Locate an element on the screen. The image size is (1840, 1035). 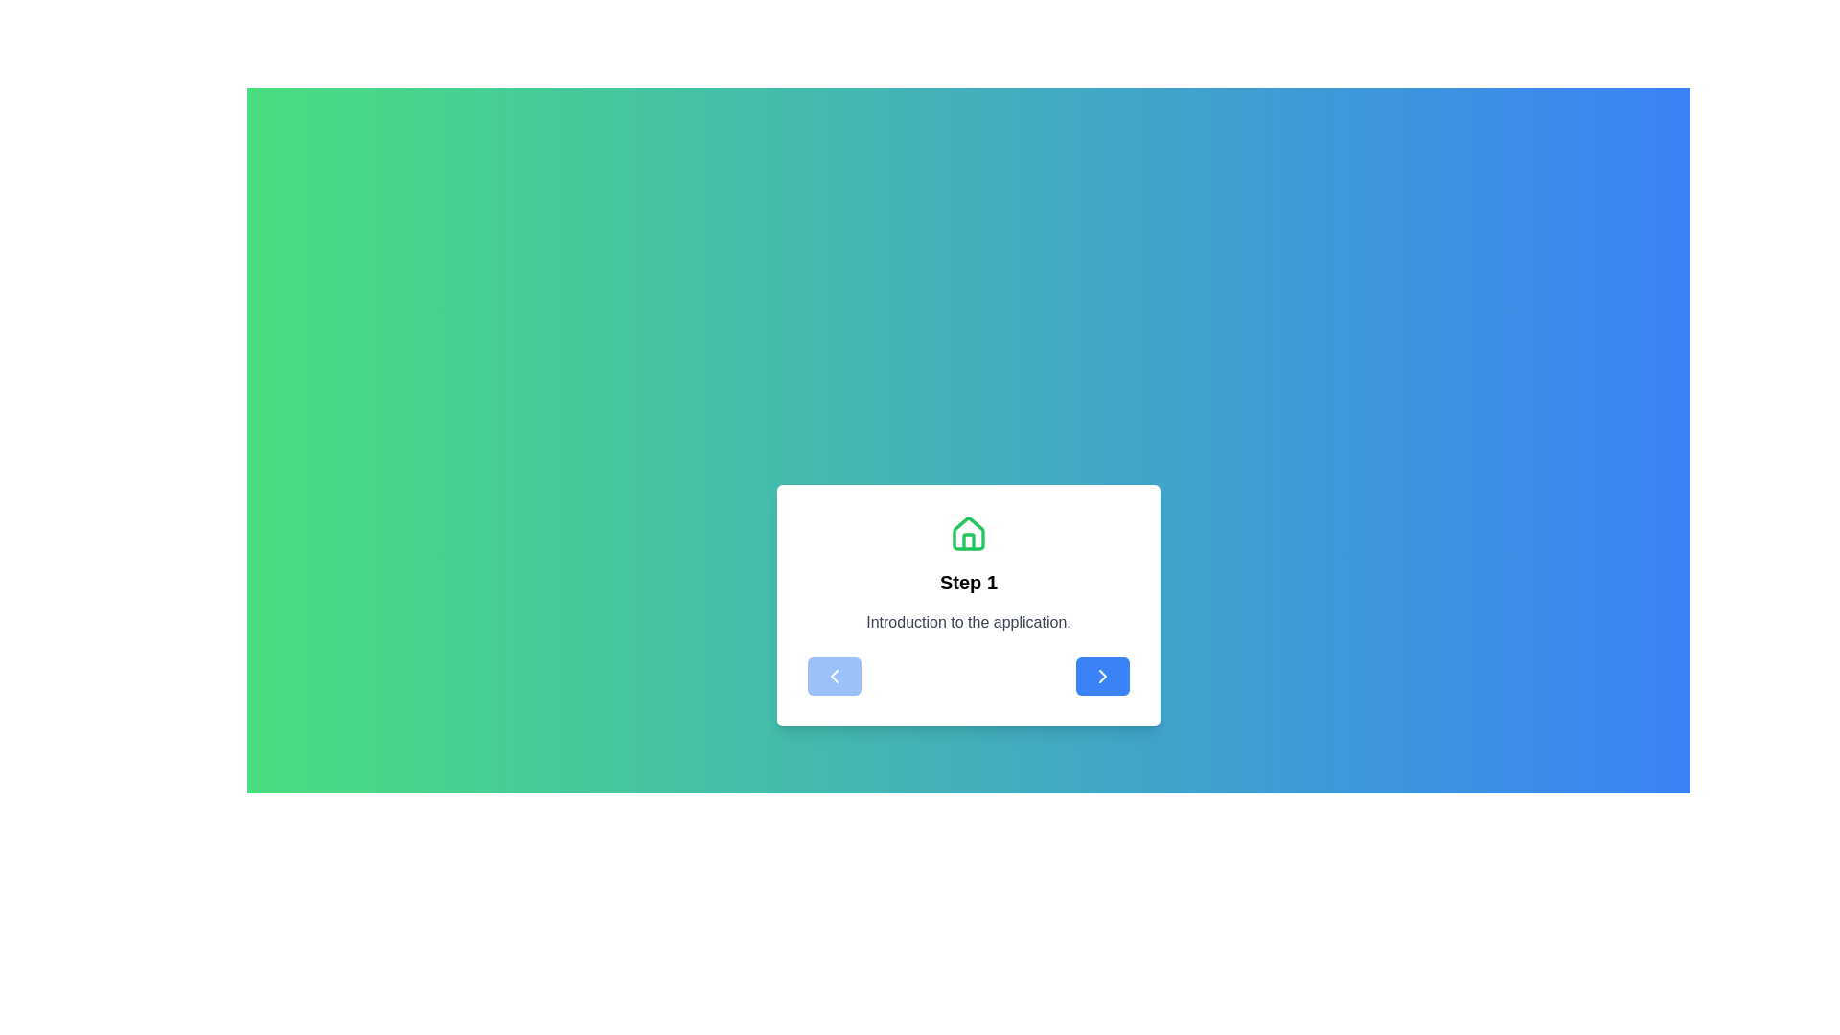
the home icon for visual context is located at coordinates (969, 535).